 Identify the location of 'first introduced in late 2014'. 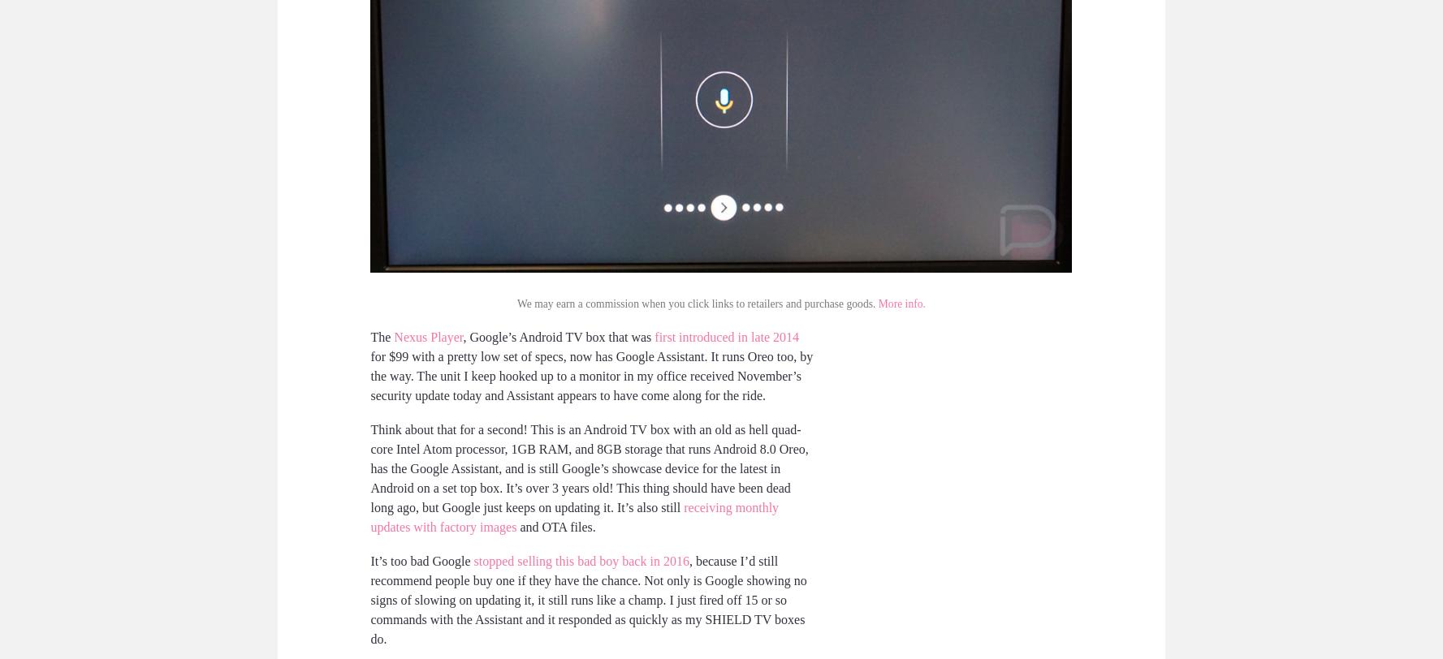
(727, 336).